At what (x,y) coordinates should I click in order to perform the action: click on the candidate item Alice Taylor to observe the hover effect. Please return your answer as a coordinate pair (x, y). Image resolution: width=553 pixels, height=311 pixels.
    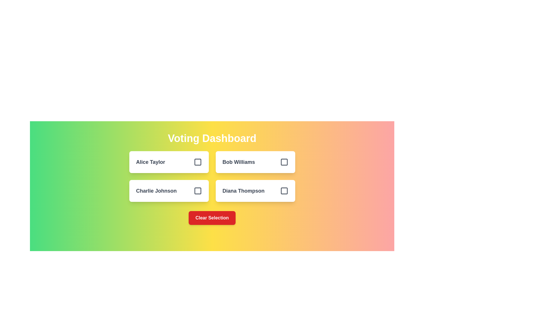
    Looking at the image, I should click on (168, 162).